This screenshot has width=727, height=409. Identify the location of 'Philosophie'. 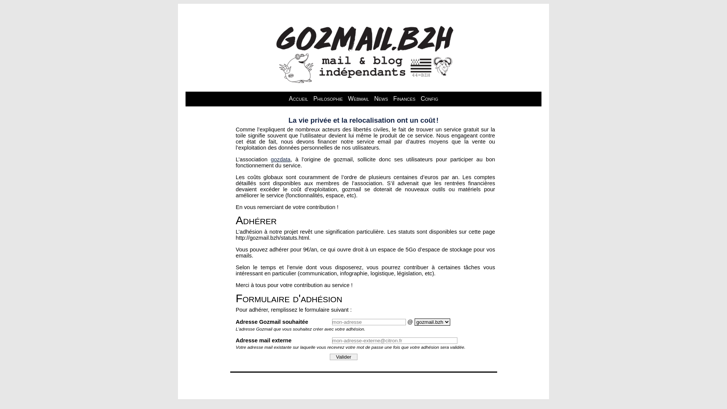
(328, 98).